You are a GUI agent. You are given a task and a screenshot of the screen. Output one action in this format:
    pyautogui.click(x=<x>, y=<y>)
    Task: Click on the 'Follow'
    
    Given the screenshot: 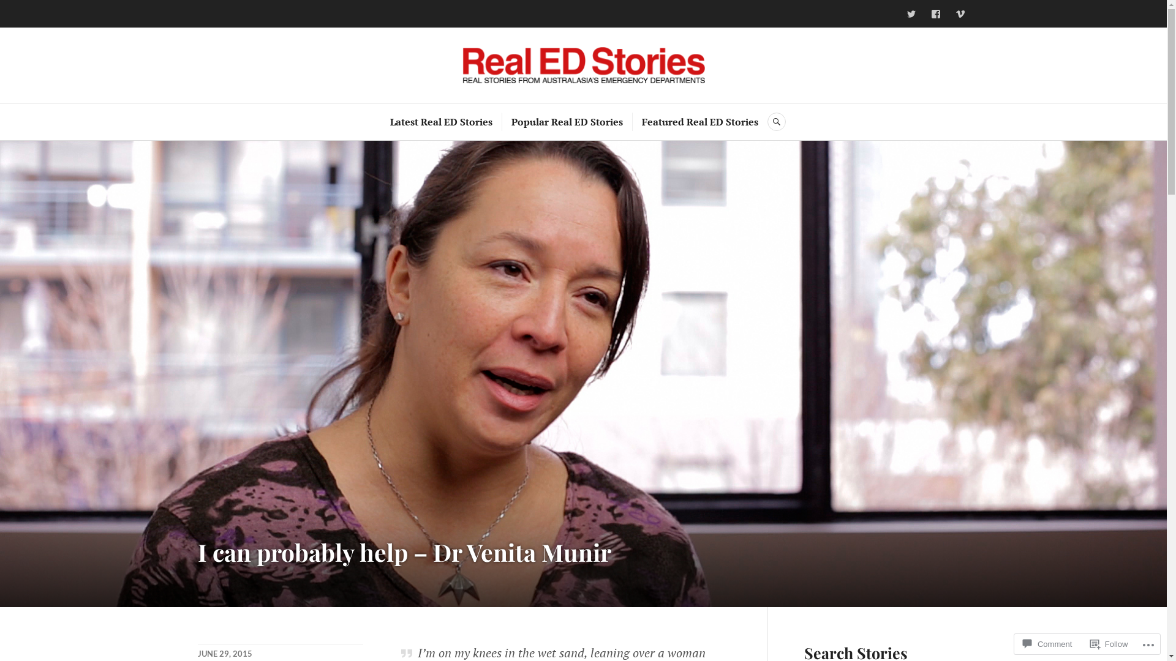 What is the action you would take?
    pyautogui.click(x=1109, y=643)
    